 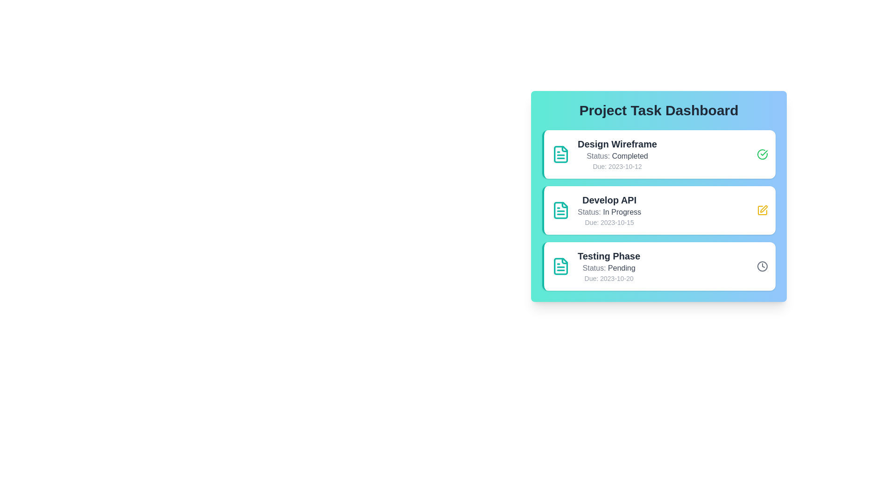 I want to click on the task card for Testing Phase to access detailed task information, so click(x=658, y=266).